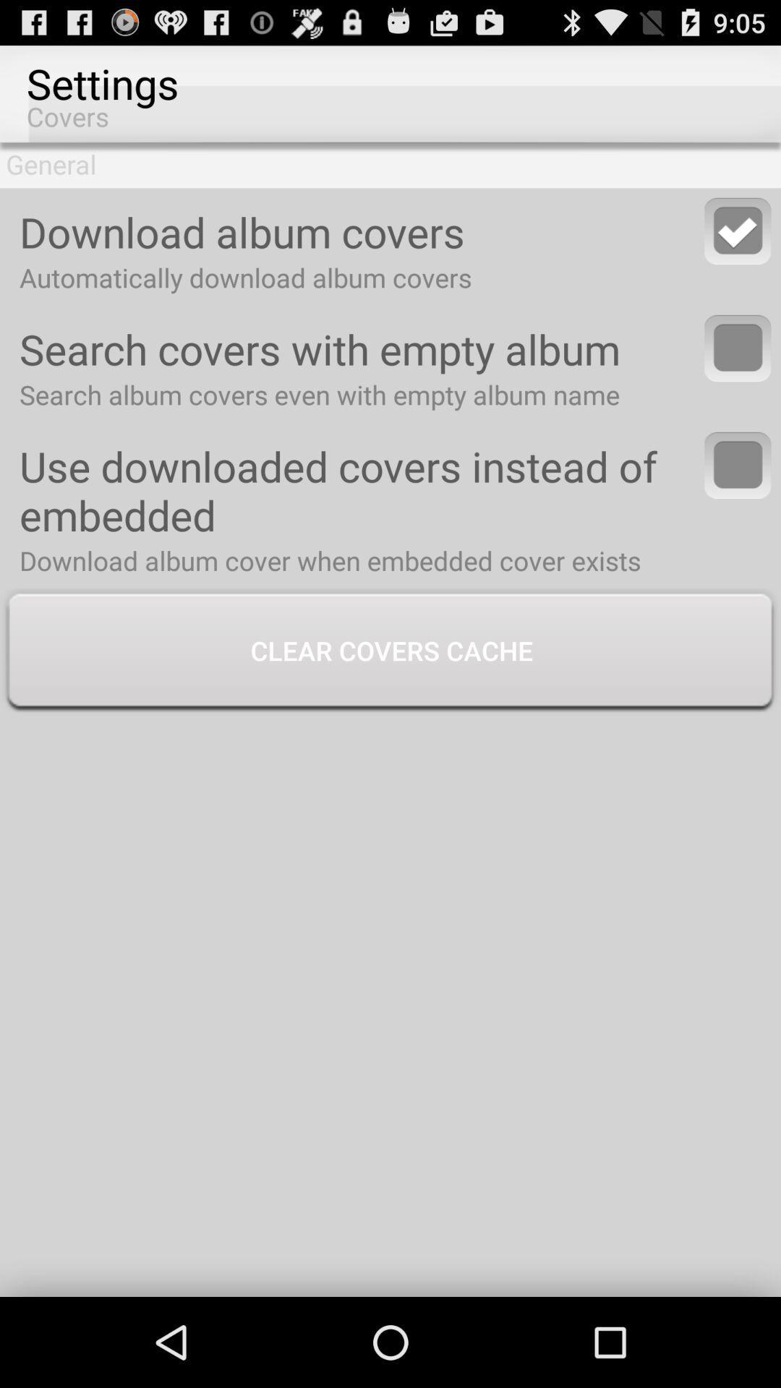 The width and height of the screenshot is (781, 1388). Describe the element at coordinates (390, 651) in the screenshot. I see `clear covers cache` at that location.